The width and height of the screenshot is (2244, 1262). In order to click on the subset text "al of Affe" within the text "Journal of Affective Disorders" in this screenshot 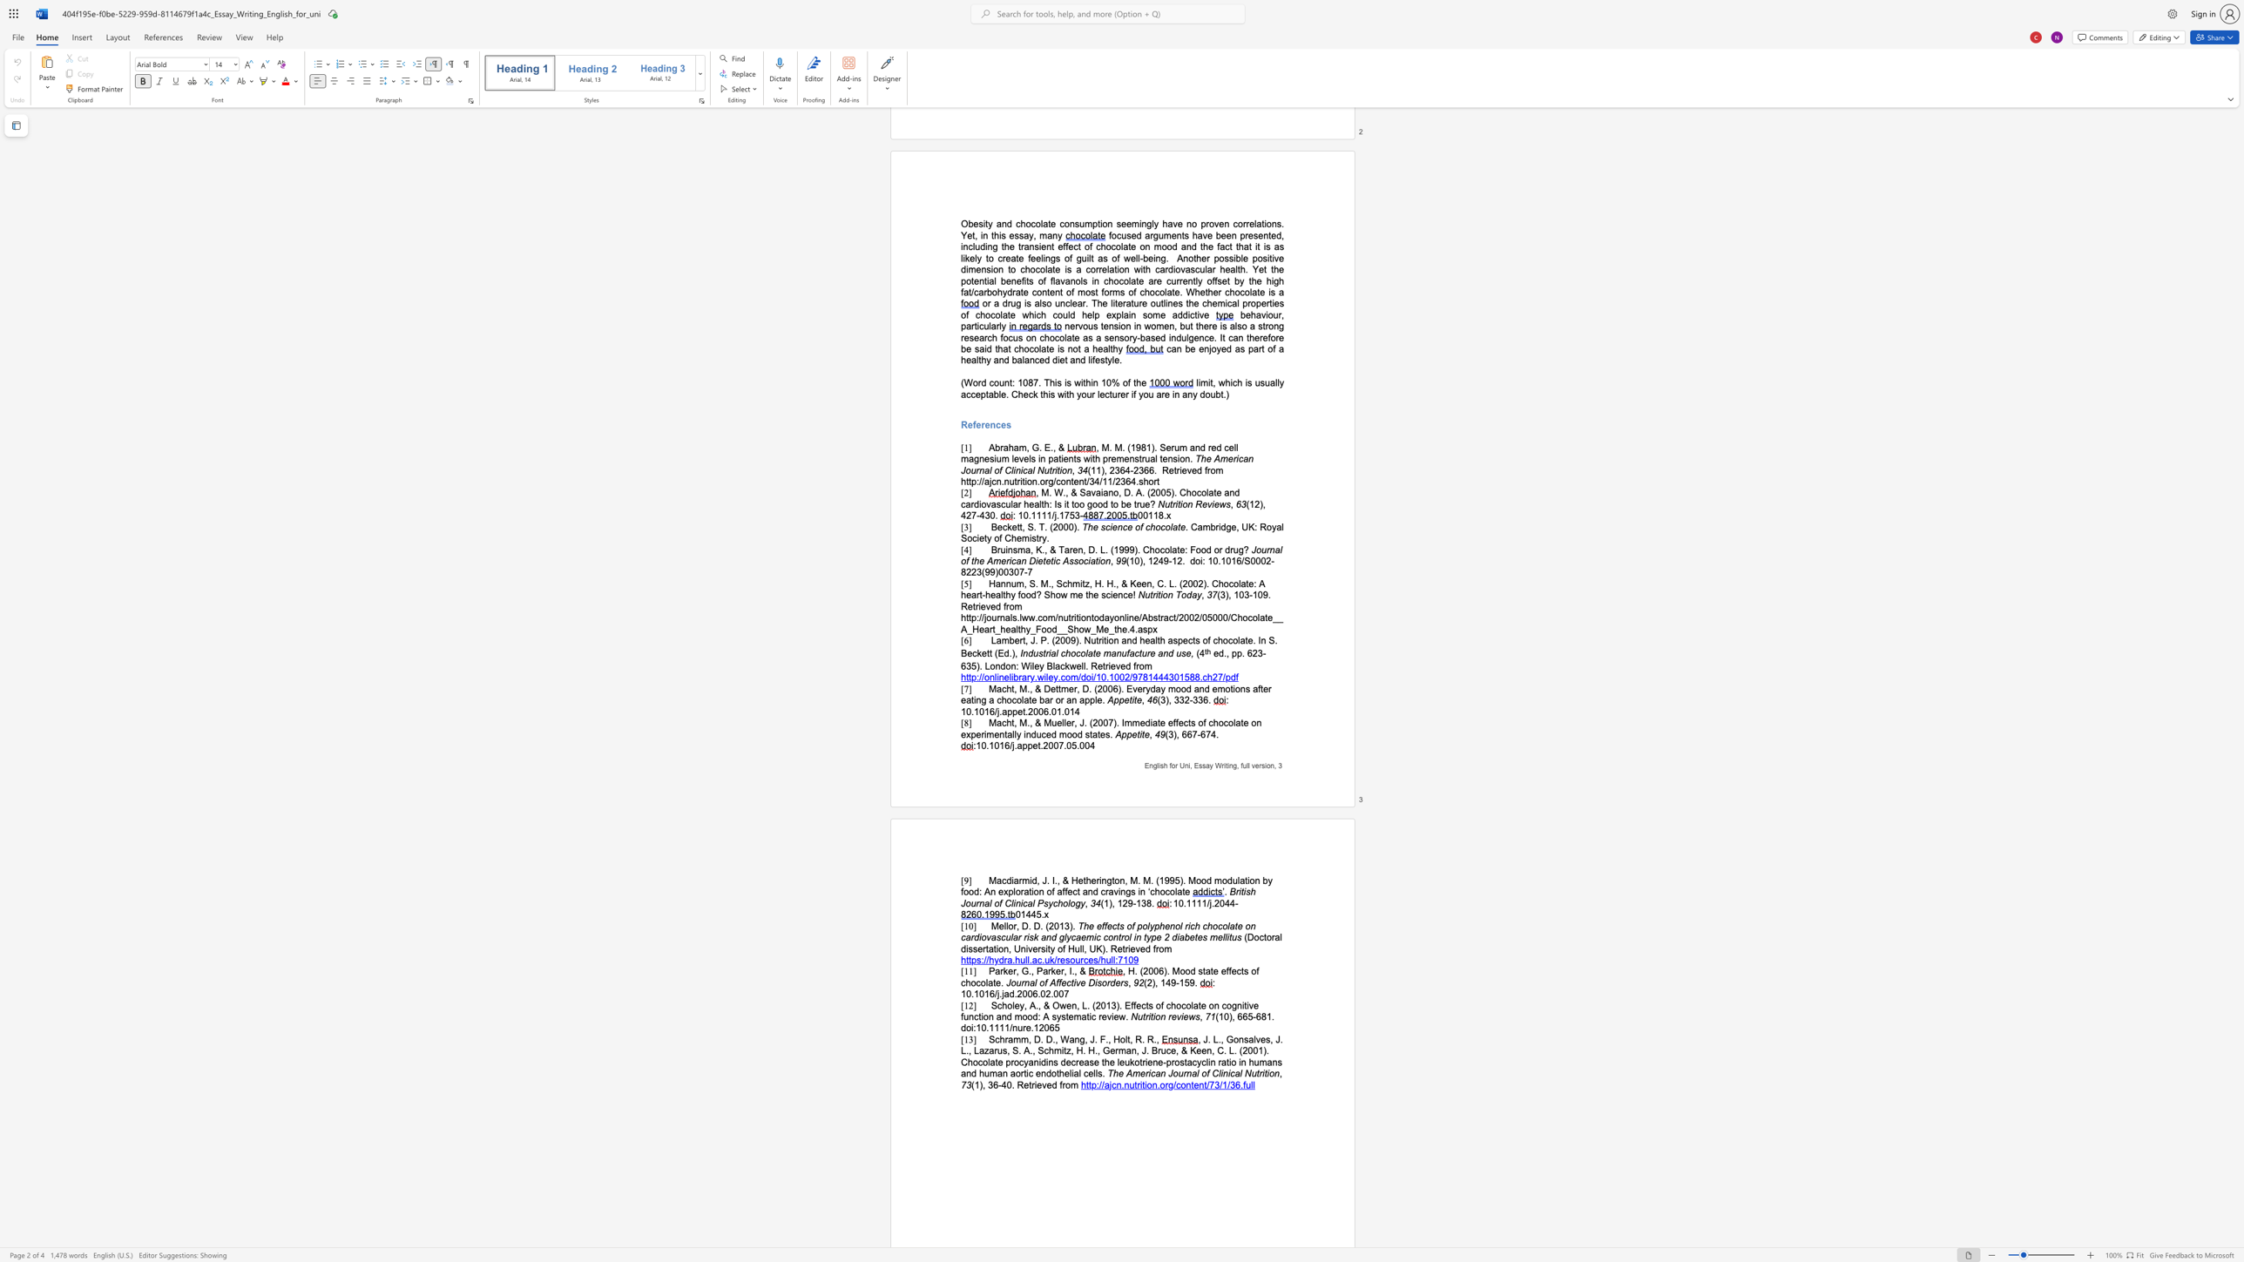, I will do `click(1029, 982)`.